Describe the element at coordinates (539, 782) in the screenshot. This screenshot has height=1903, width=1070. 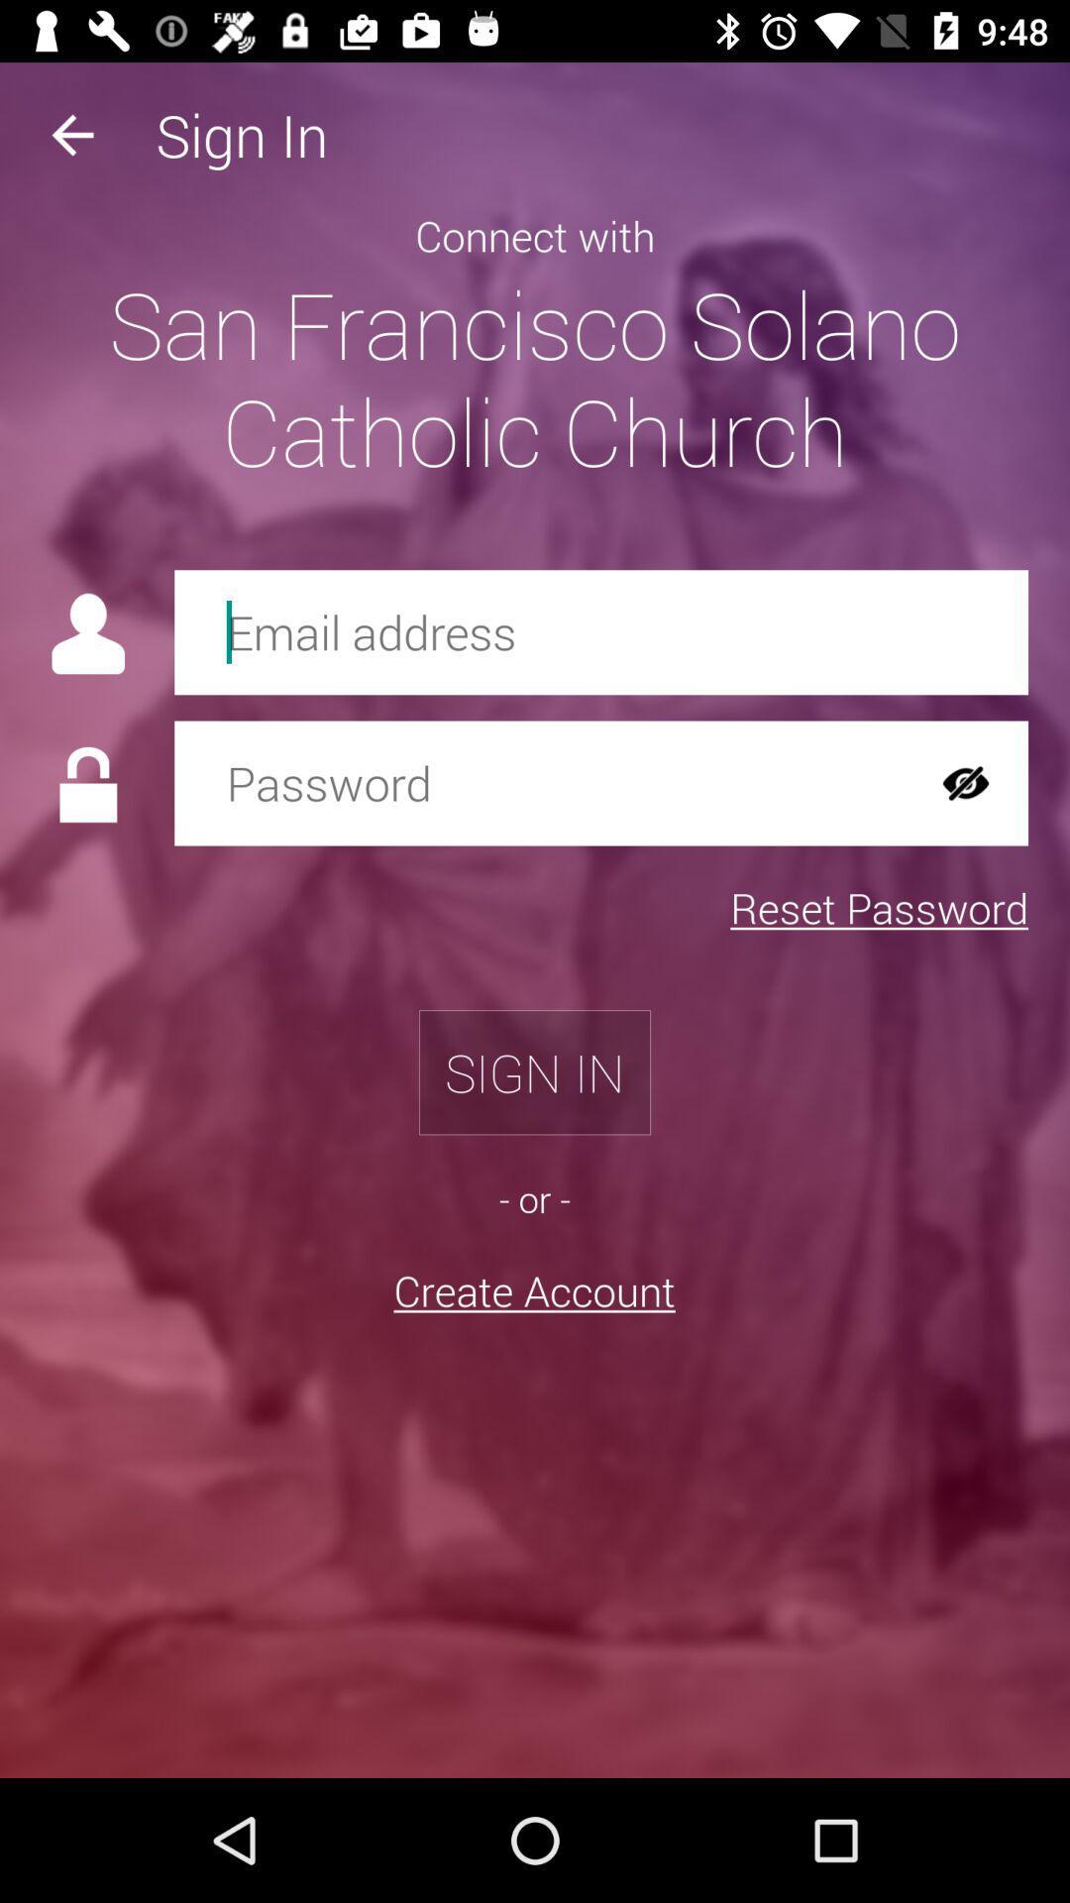
I see `password for email account` at that location.